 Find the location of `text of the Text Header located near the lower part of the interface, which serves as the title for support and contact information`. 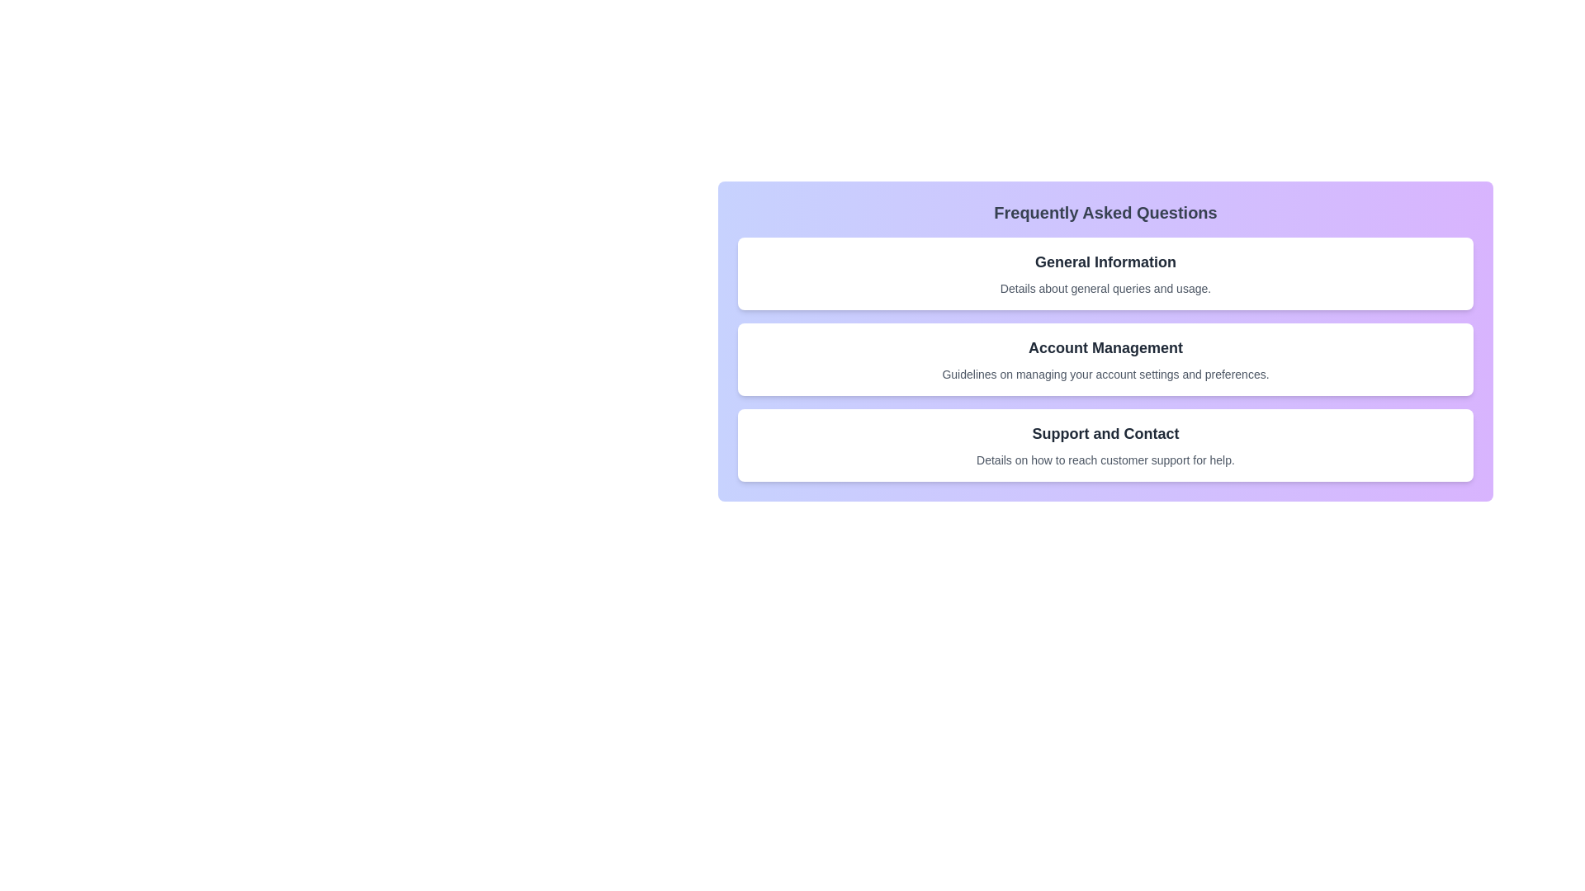

text of the Text Header located near the lower part of the interface, which serves as the title for support and contact information is located at coordinates (1105, 432).